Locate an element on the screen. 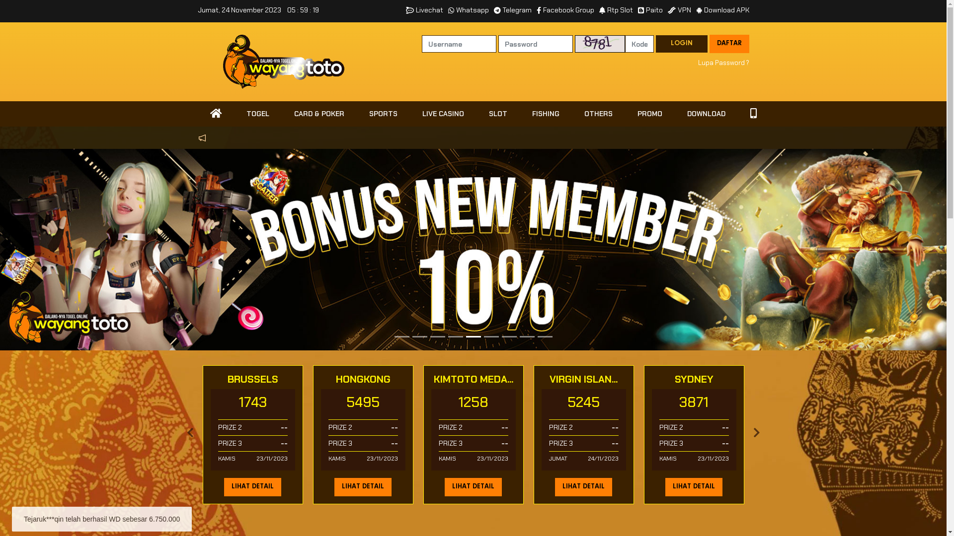 The width and height of the screenshot is (954, 536). 'Rtp Slot' is located at coordinates (598, 10).